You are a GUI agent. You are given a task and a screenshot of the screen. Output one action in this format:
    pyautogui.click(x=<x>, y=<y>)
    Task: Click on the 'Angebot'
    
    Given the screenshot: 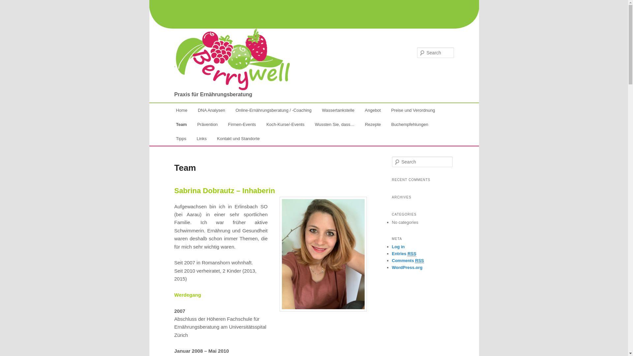 What is the action you would take?
    pyautogui.click(x=373, y=109)
    